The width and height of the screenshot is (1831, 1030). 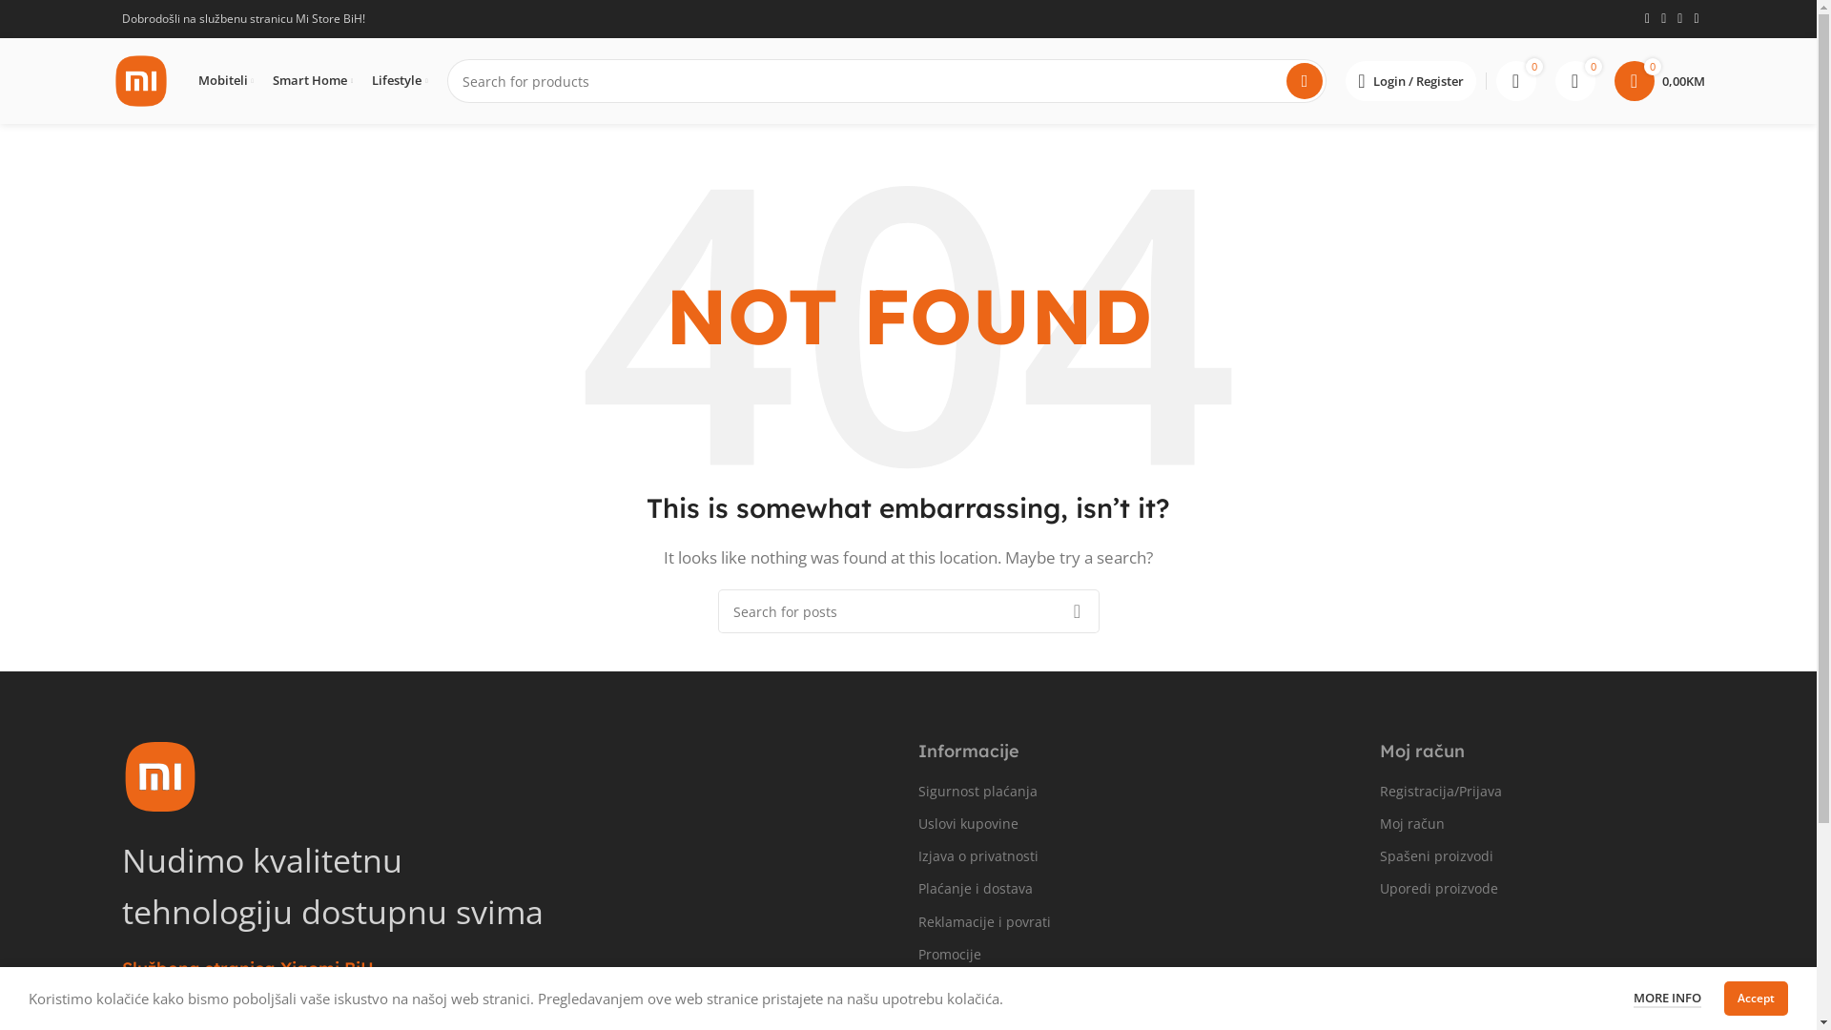 What do you see at coordinates (1657, 79) in the screenshot?
I see `'0` at bounding box center [1657, 79].